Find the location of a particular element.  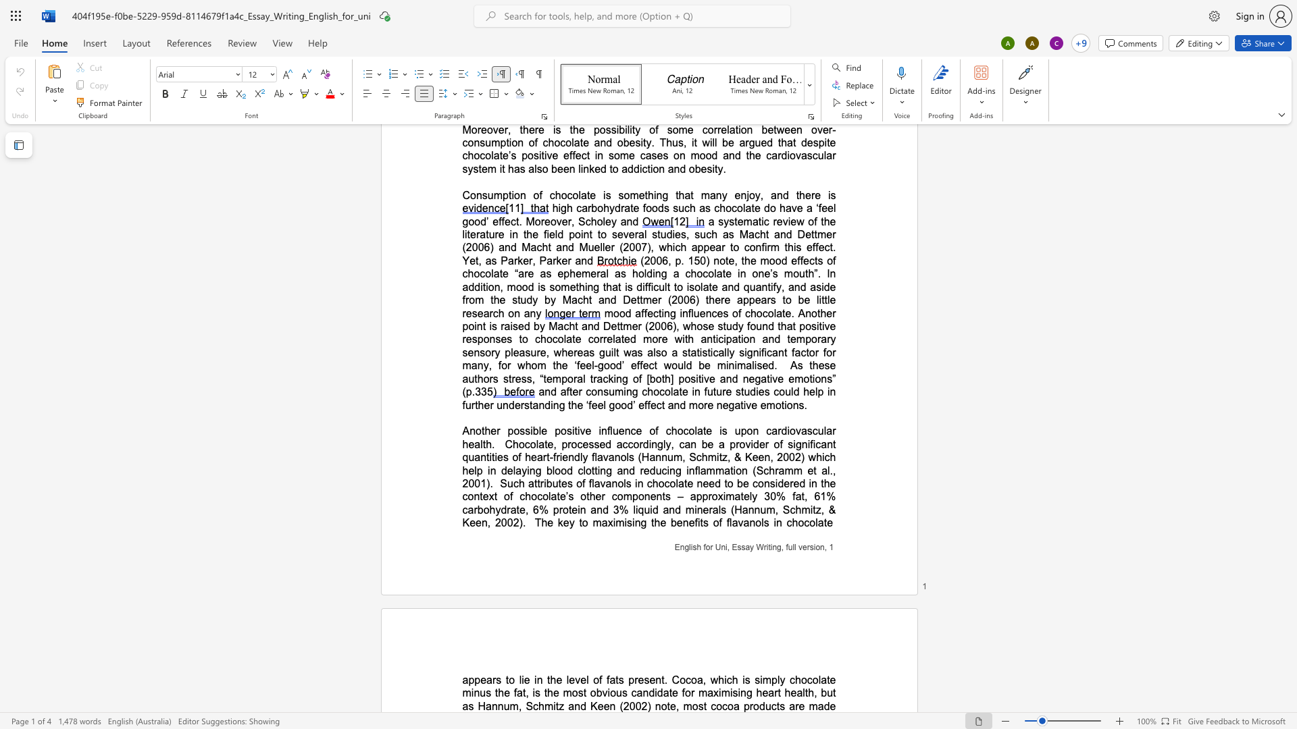

the space between the continuous character "s" and "s" in the text is located at coordinates (594, 444).